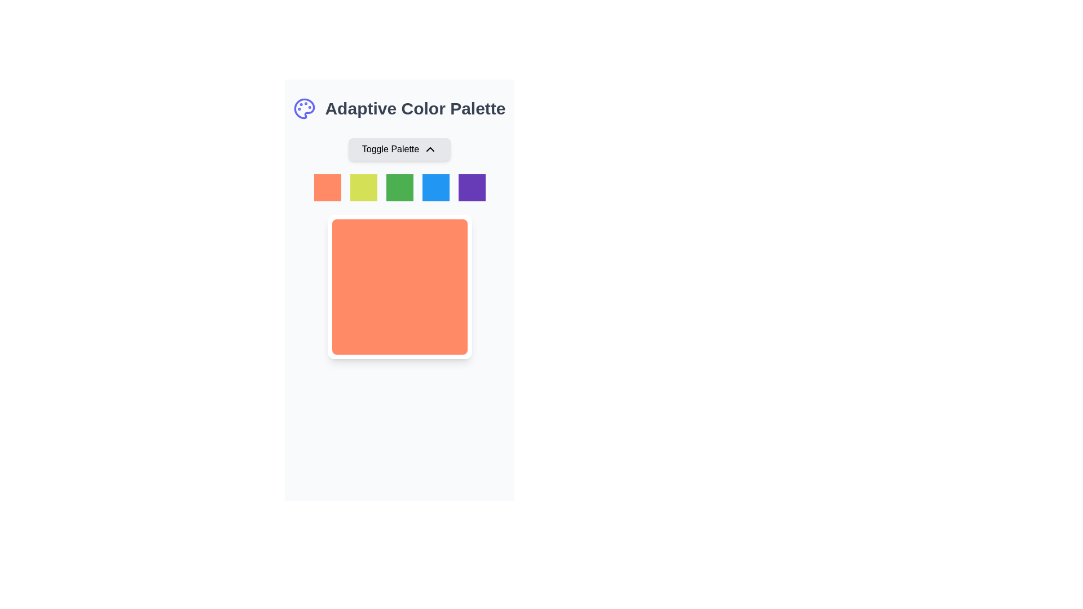  I want to click on the third green square swatch in the row of color swatches, so click(399, 187).